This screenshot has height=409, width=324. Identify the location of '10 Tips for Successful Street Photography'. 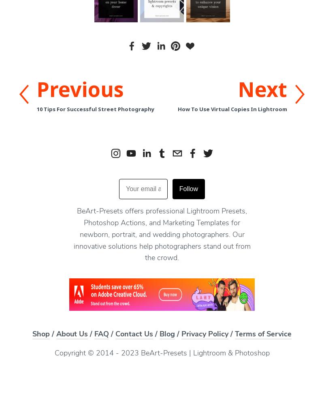
(95, 109).